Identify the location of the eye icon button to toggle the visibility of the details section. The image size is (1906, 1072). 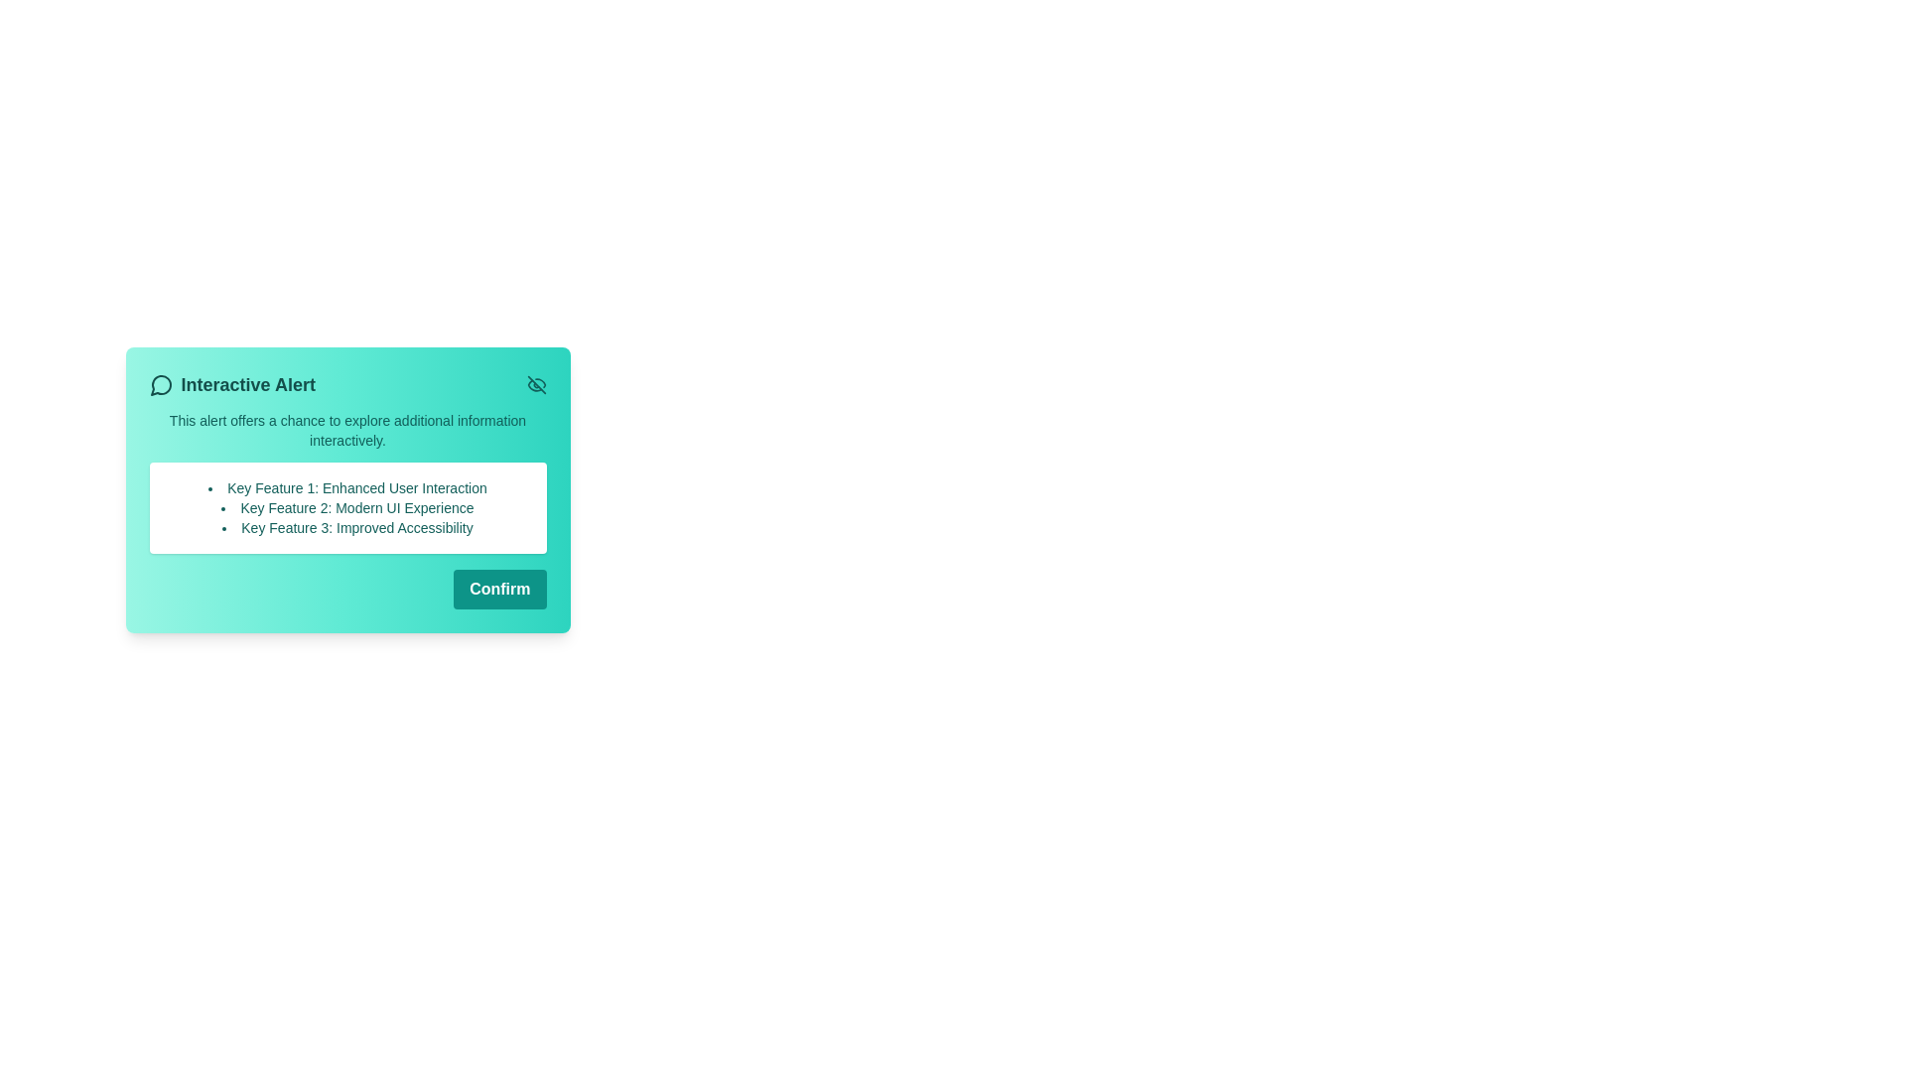
(536, 385).